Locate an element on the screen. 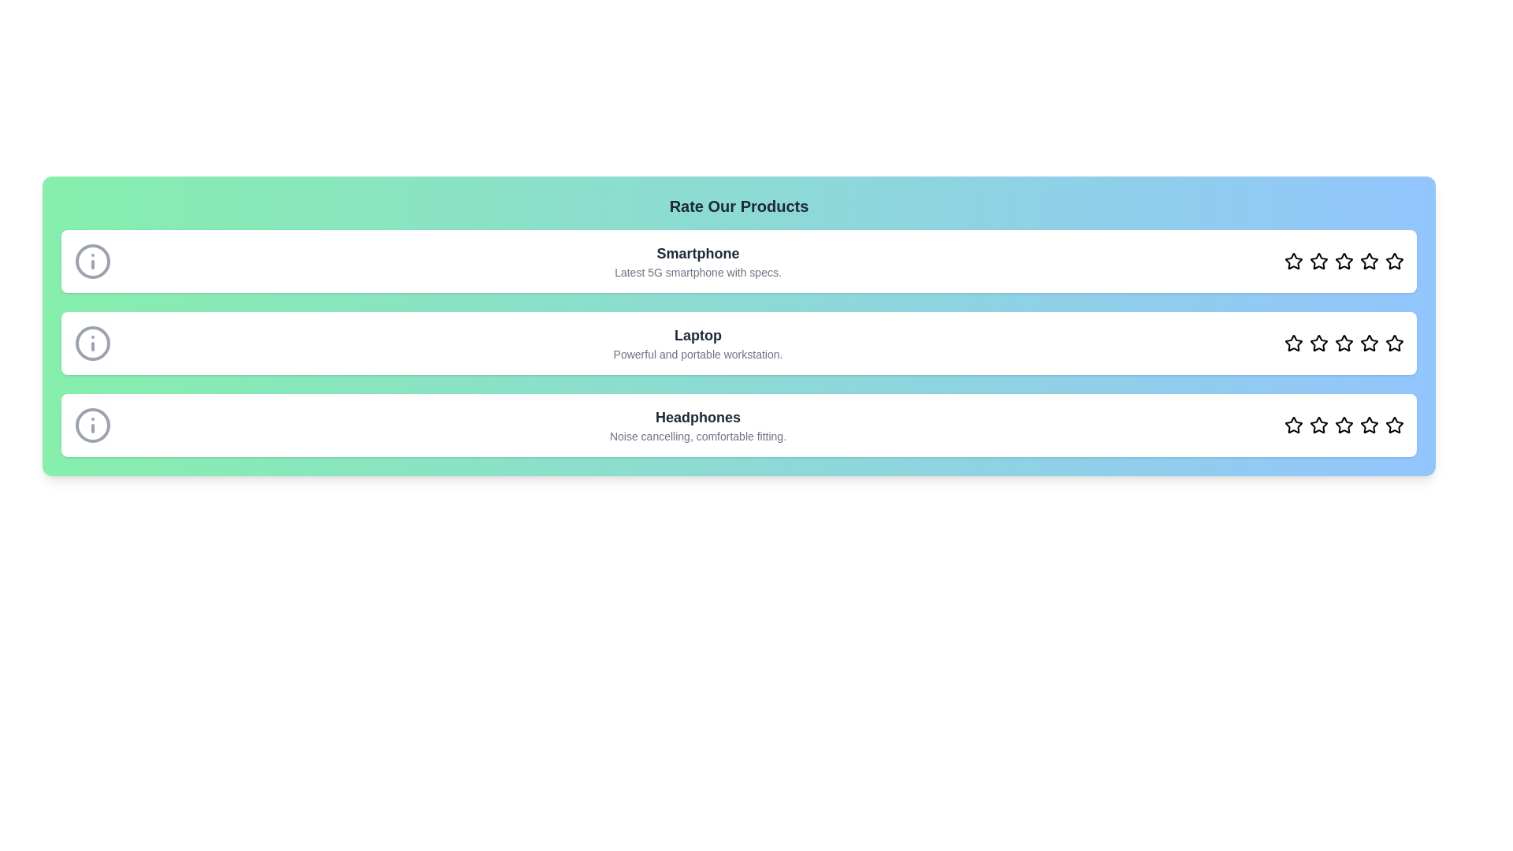 Image resolution: width=1513 pixels, height=851 pixels. the first star icon in the rating section is located at coordinates (1293, 260).